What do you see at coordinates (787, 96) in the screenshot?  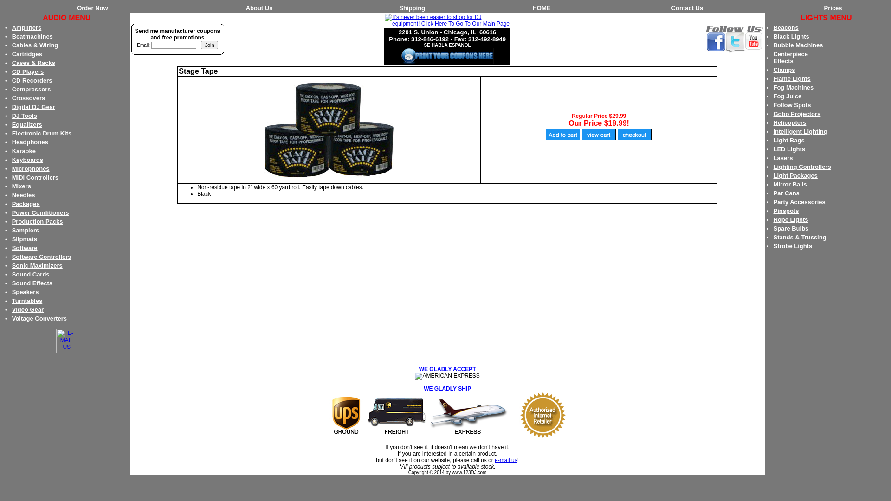 I see `'Fog Juice'` at bounding box center [787, 96].